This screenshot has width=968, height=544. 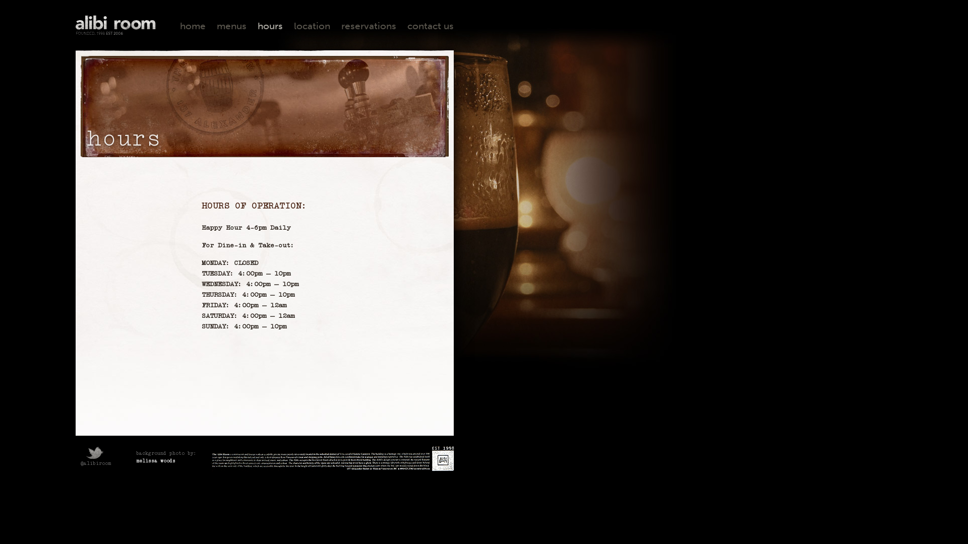 What do you see at coordinates (431, 25) in the screenshot?
I see `'contact us'` at bounding box center [431, 25].